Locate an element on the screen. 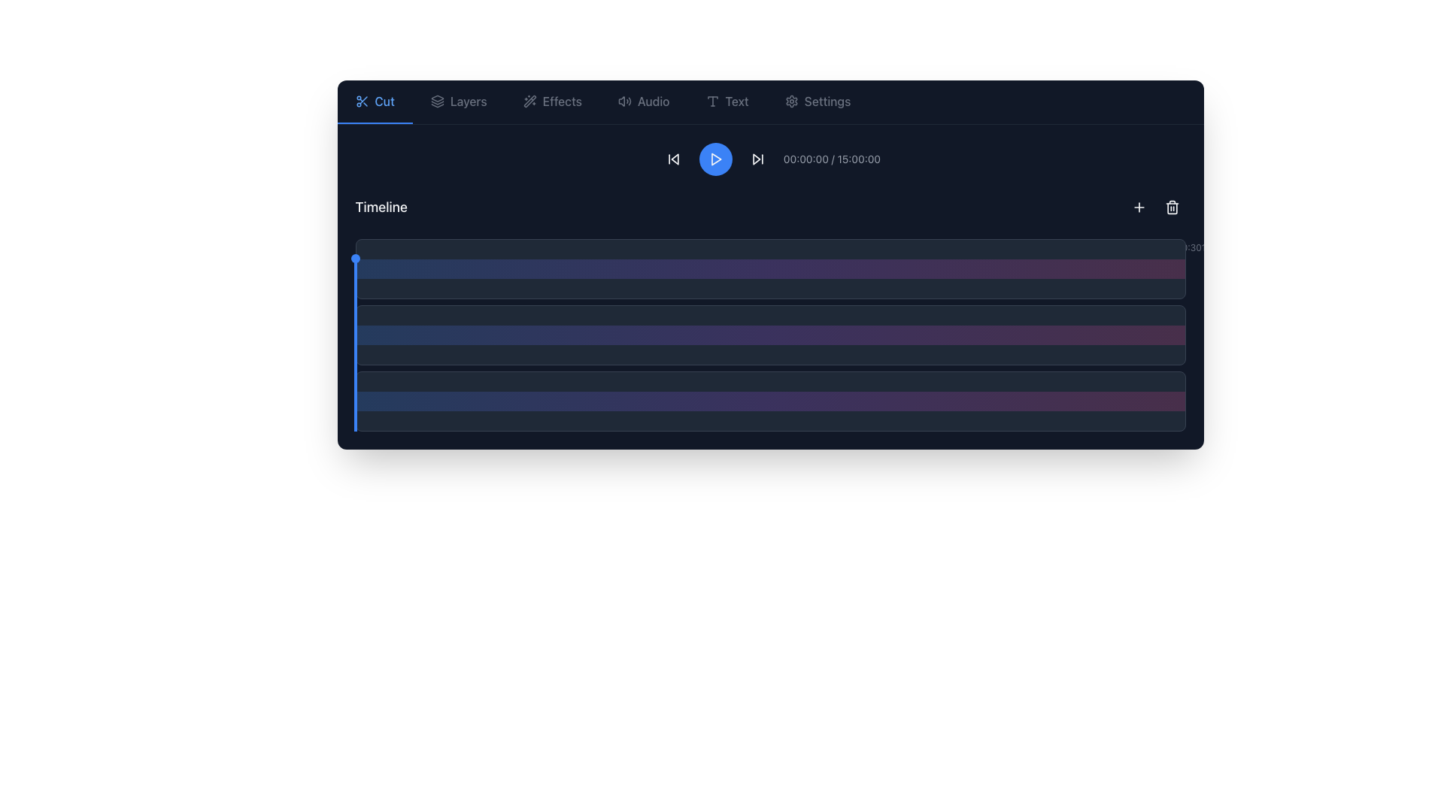  the delete icon button located in the top-right corner of the horizontal bar interface to trigger a tooltip or visual feedback is located at coordinates (1171, 208).